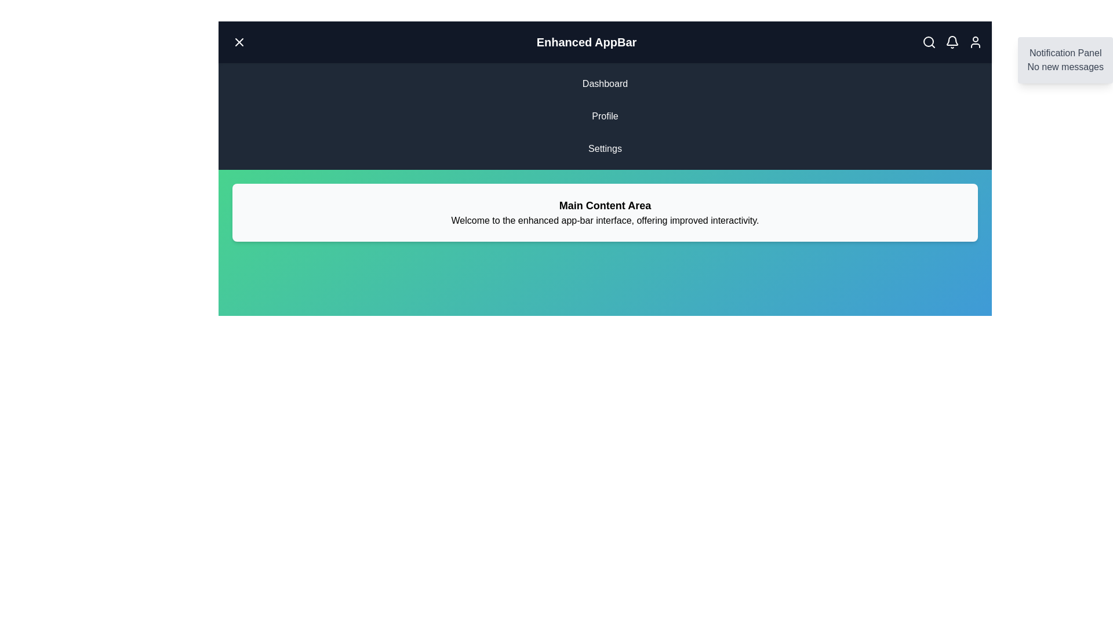 Image resolution: width=1113 pixels, height=626 pixels. I want to click on the menu item corresponding to Settings to navigate, so click(604, 148).